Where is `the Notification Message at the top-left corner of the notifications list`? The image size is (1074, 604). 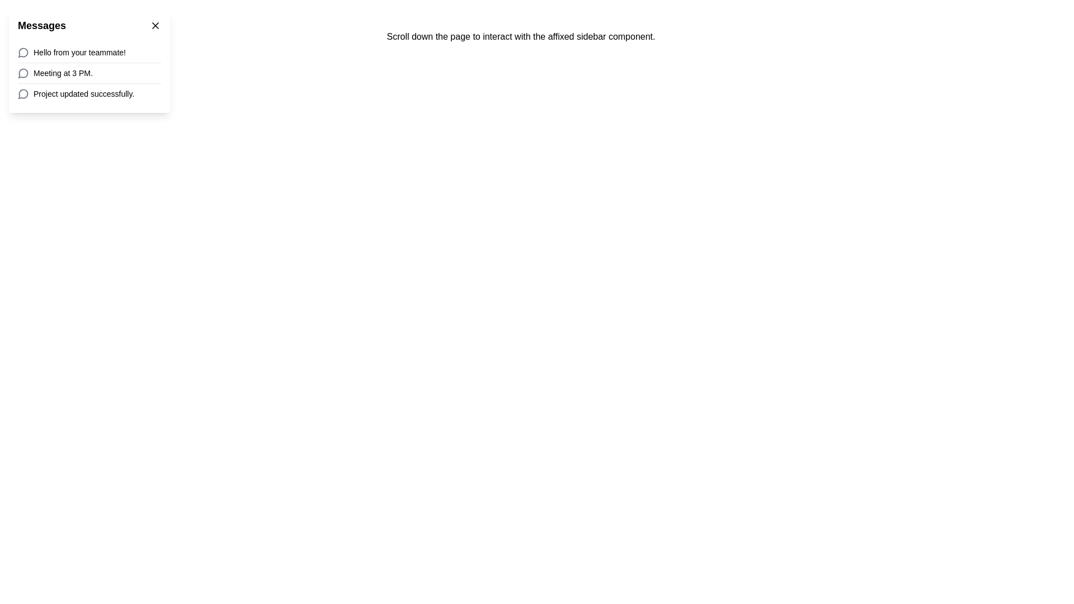
the Notification Message at the top-left corner of the notifications list is located at coordinates (88, 52).